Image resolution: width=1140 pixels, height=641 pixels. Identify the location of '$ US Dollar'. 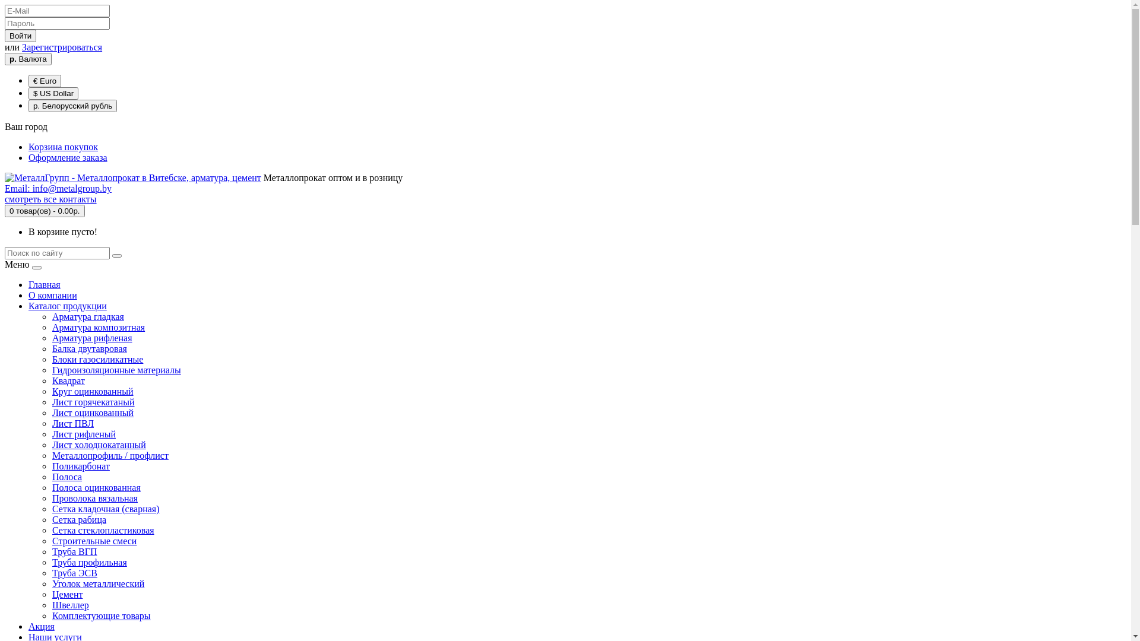
(28, 93).